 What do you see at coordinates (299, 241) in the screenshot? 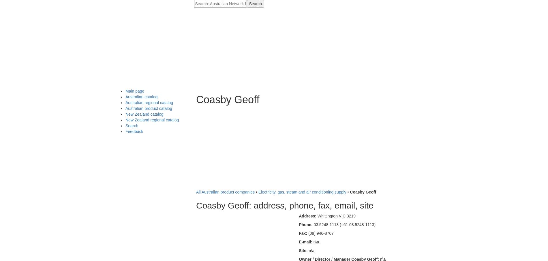
I see `'E-mail:'` at bounding box center [299, 241].